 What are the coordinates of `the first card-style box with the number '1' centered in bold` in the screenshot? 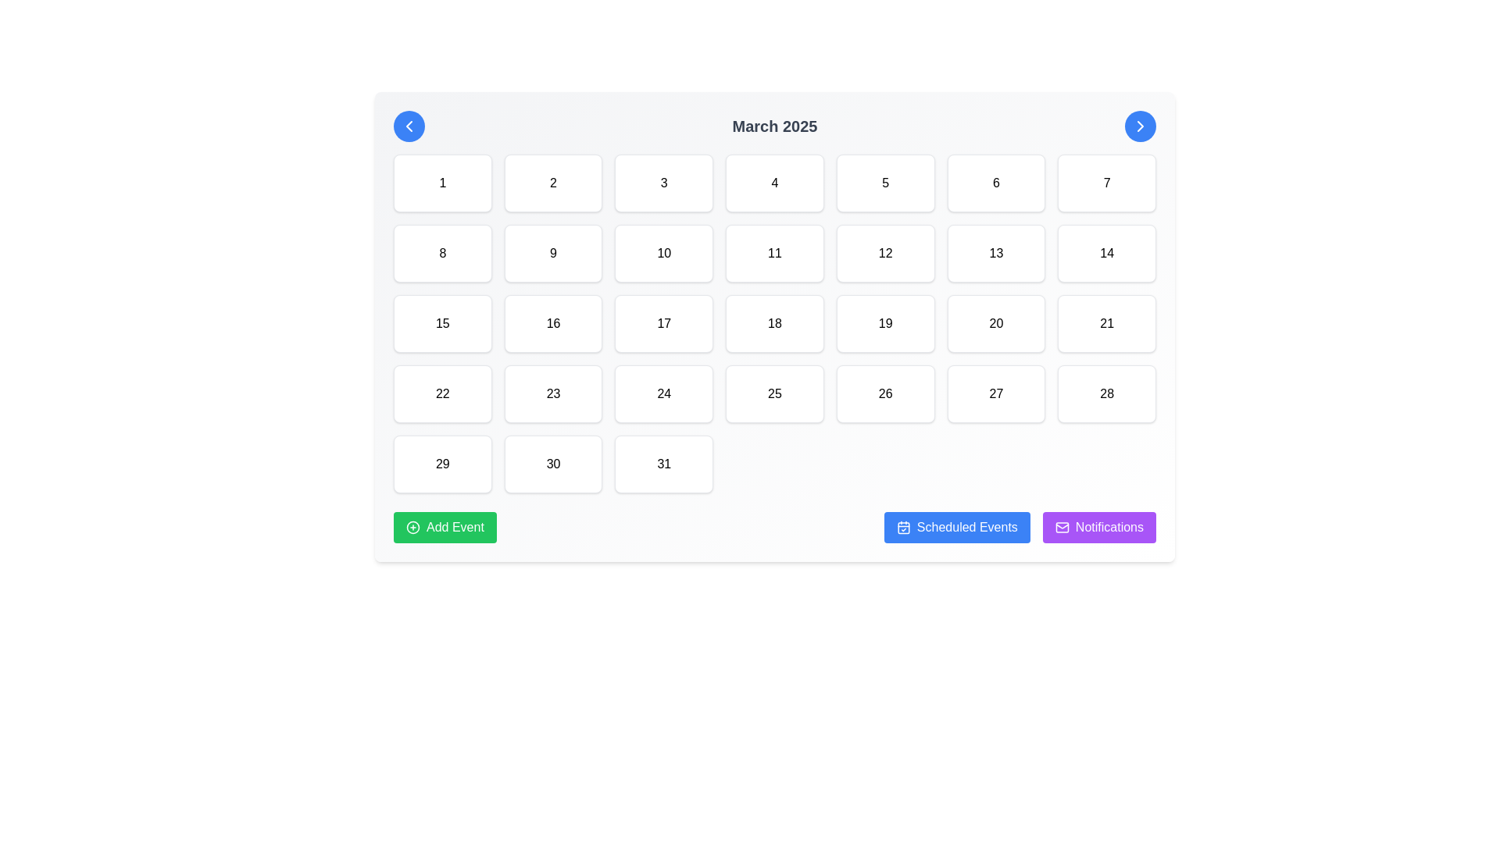 It's located at (441, 183).